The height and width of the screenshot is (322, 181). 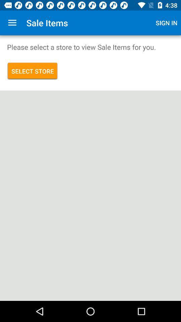 What do you see at coordinates (12, 23) in the screenshot?
I see `icon next to the sale items app` at bounding box center [12, 23].